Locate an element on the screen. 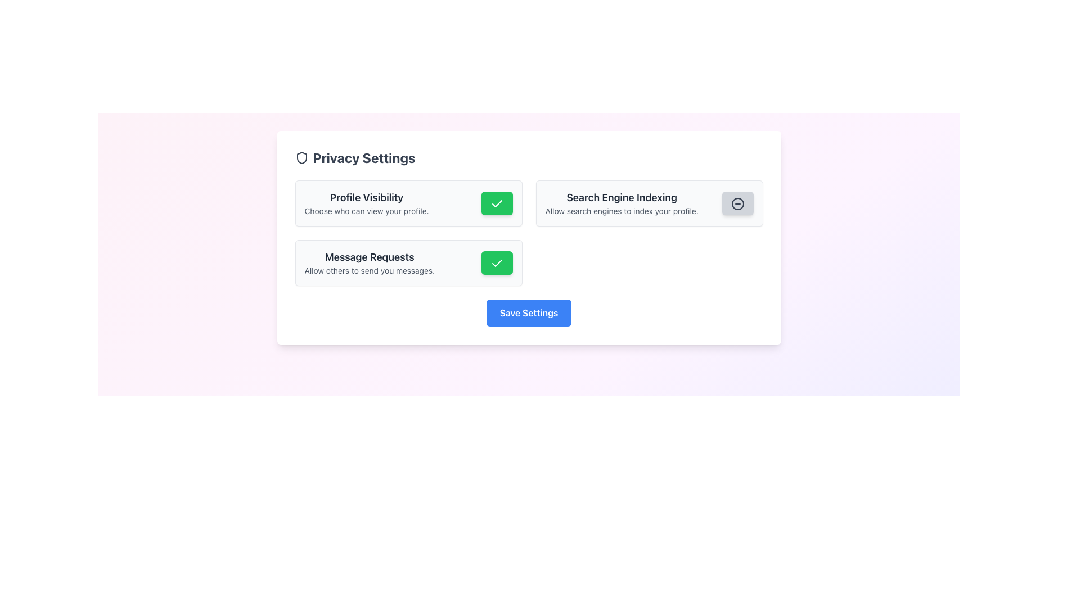 This screenshot has width=1080, height=607. the Static Text element that serves as the title for the 'Message Requests' privacy setting, located beneath the 'Profile Visibility' setting is located at coordinates (370, 257).